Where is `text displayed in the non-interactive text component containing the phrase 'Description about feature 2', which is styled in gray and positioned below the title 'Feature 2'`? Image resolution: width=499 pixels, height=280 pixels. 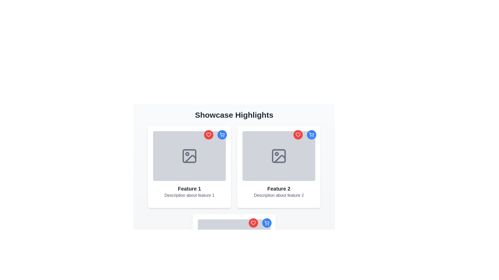
text displayed in the non-interactive text component containing the phrase 'Description about feature 2', which is styled in gray and positioned below the title 'Feature 2' is located at coordinates (279, 195).